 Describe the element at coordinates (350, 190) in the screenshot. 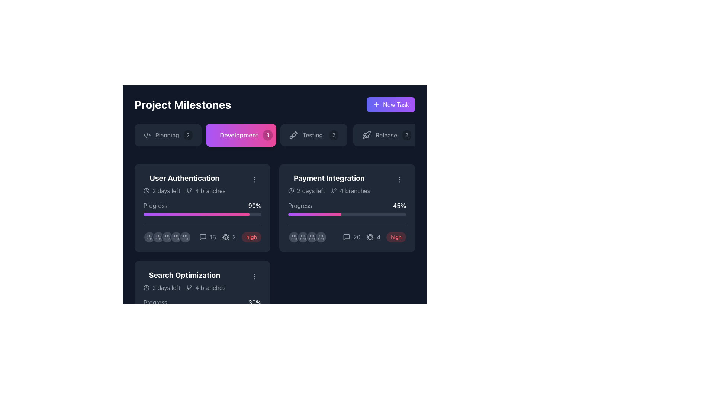

I see `the static informational text '4 branches' with an adjacent minimalist branch icon, located within the 'Payment Integration' card in the project's milestone section` at that location.